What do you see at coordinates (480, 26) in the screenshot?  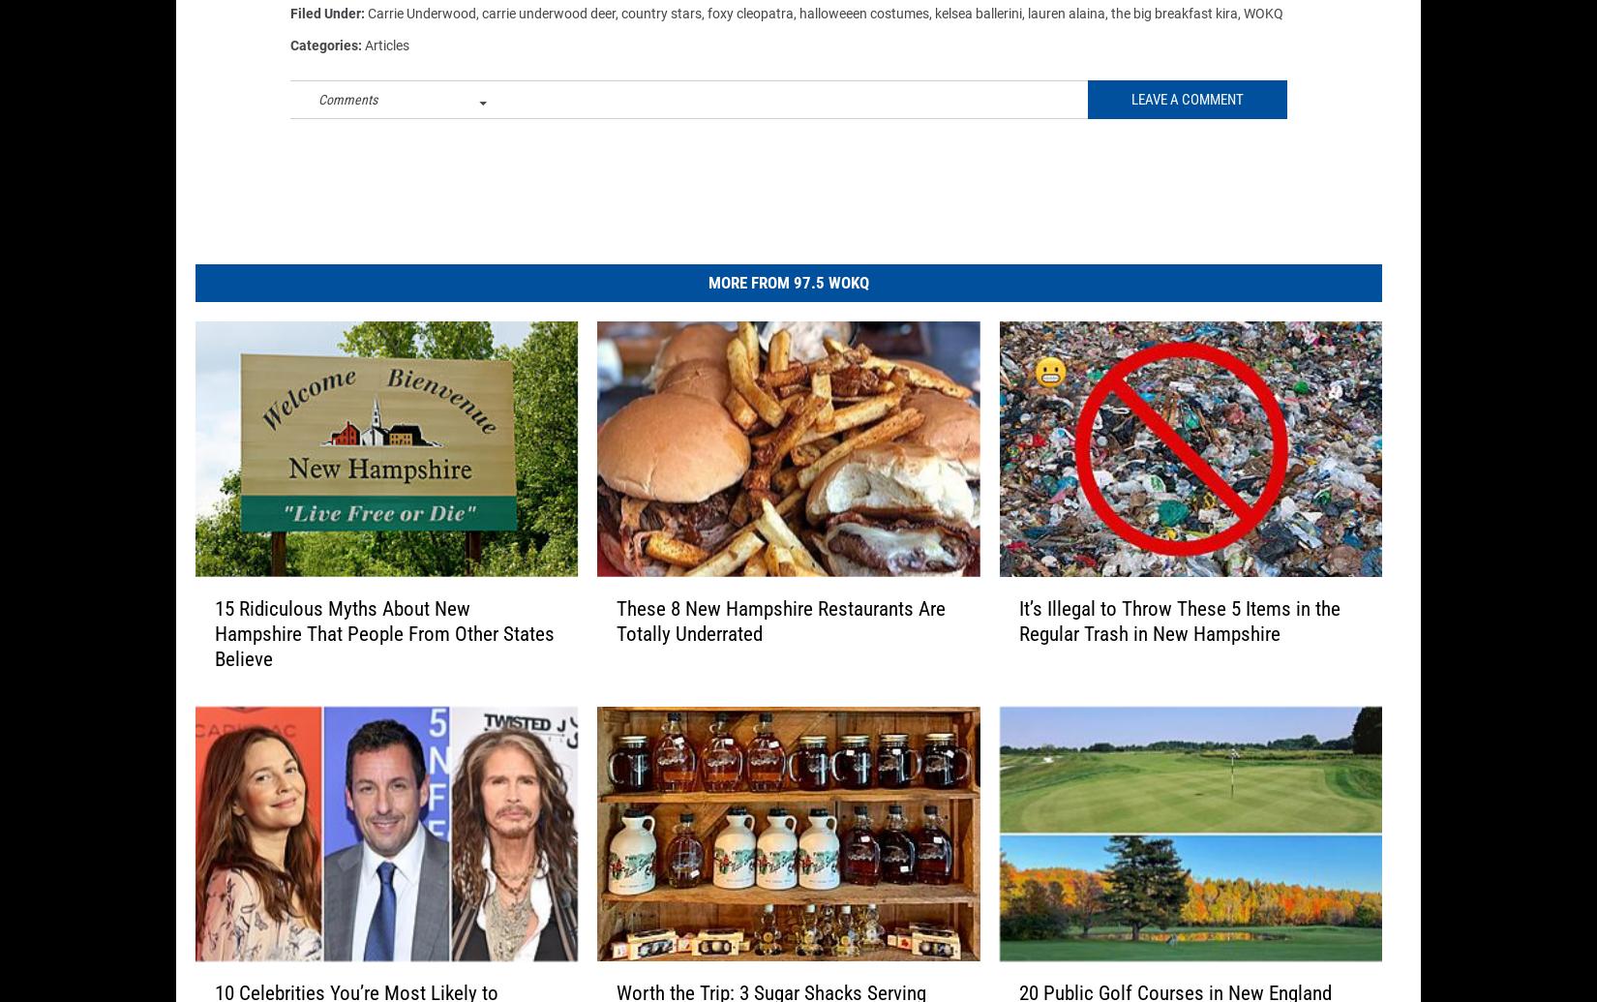 I see `'carrie underwood deer'` at bounding box center [480, 26].